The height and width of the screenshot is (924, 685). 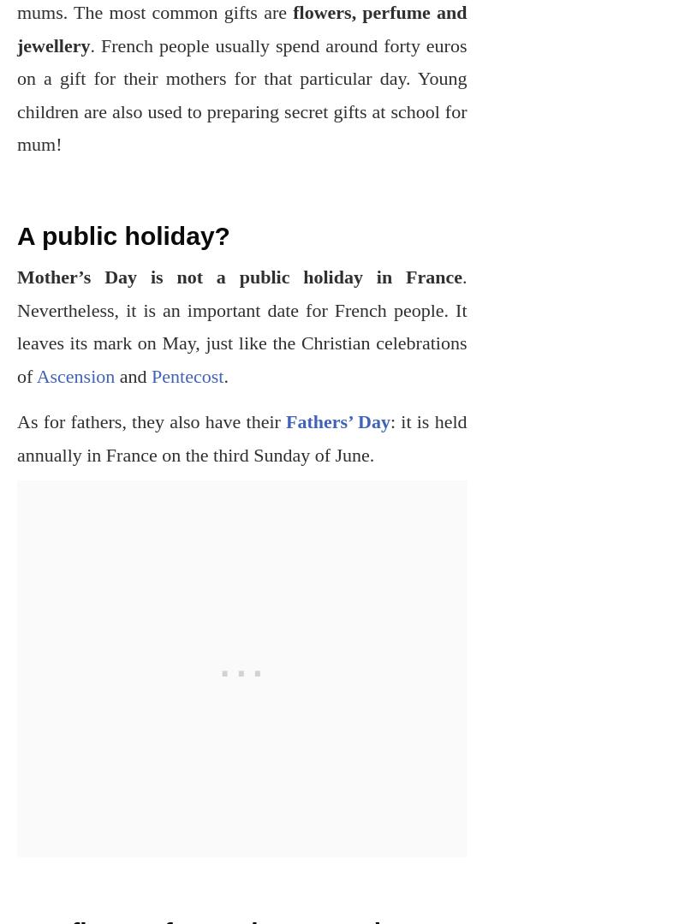 What do you see at coordinates (17, 420) in the screenshot?
I see `'As for fathers, they also have their'` at bounding box center [17, 420].